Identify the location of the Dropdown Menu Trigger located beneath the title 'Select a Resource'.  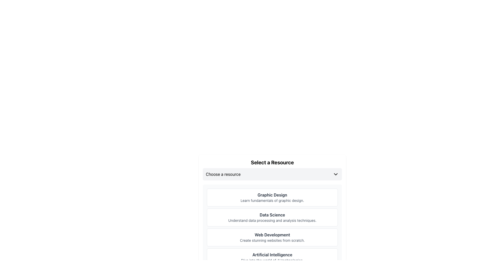
(272, 174).